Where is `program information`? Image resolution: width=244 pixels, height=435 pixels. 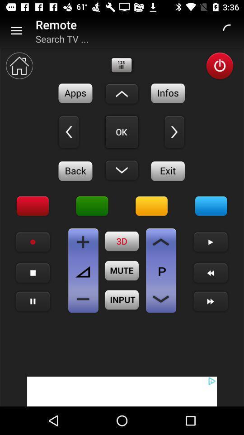 program information is located at coordinates (168, 93).